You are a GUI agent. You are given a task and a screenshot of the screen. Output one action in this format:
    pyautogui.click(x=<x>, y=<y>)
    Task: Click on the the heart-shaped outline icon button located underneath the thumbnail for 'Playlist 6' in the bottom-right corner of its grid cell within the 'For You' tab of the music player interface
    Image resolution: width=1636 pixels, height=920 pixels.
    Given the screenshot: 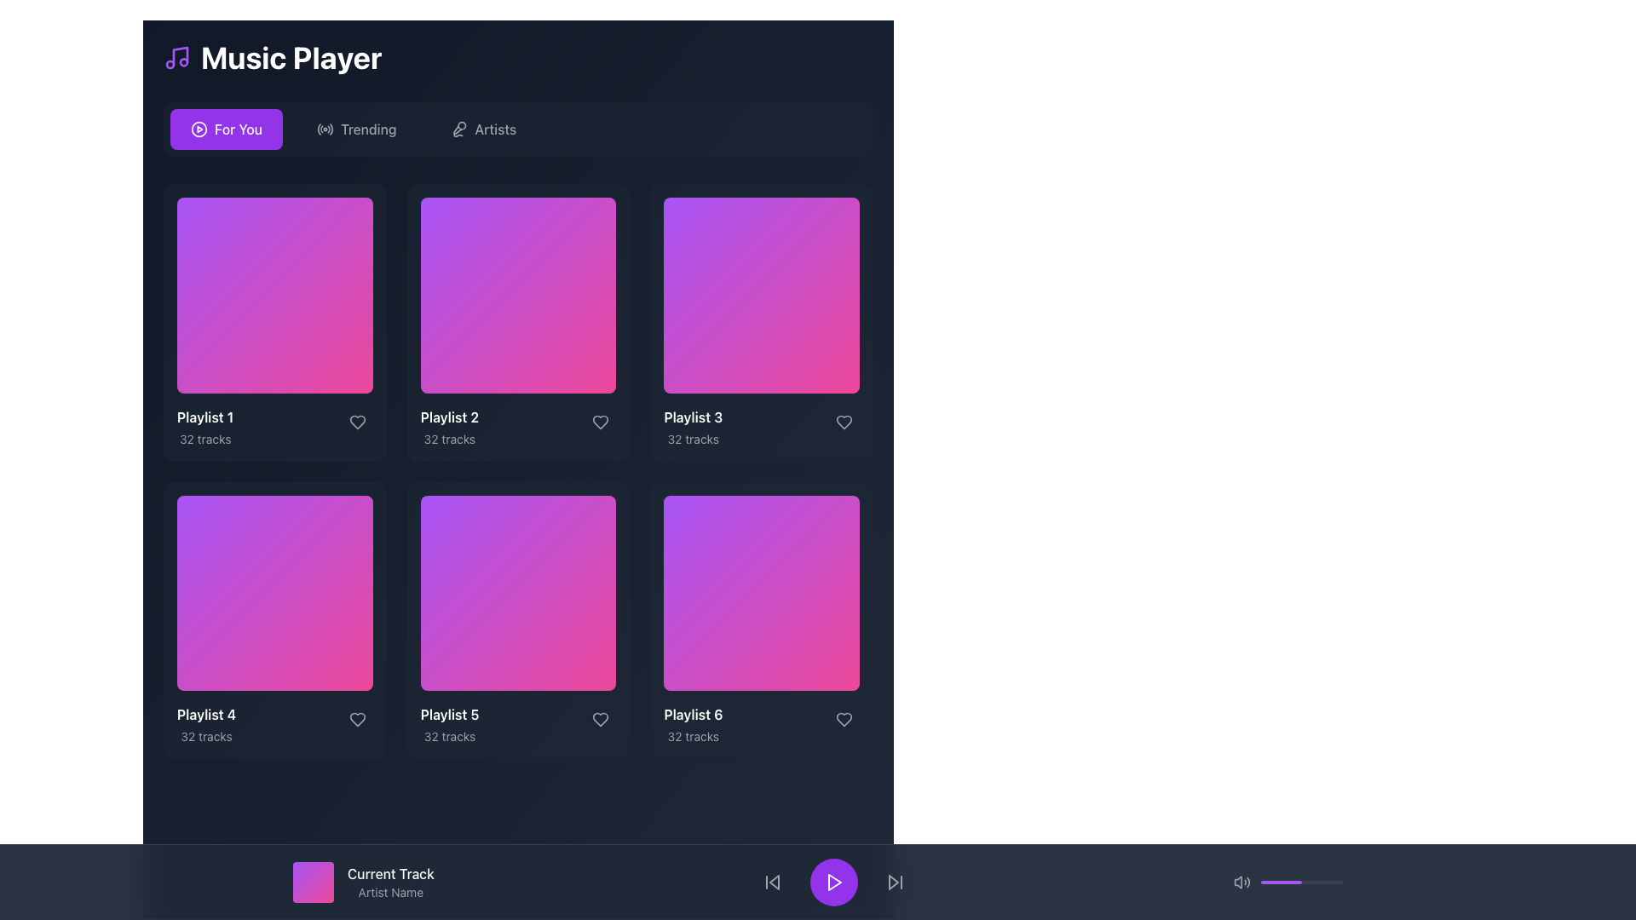 What is the action you would take?
    pyautogui.click(x=844, y=720)
    